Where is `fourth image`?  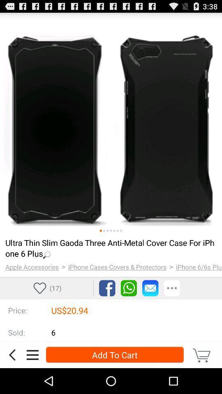
fourth image is located at coordinates (111, 231).